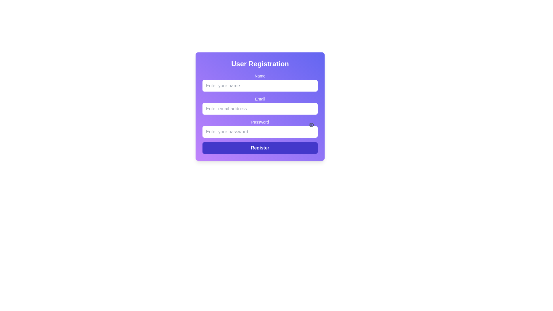 The width and height of the screenshot is (553, 311). Describe the element at coordinates (311, 125) in the screenshot. I see `the eye-shaped icon next to the password input field in the User Registration form` at that location.